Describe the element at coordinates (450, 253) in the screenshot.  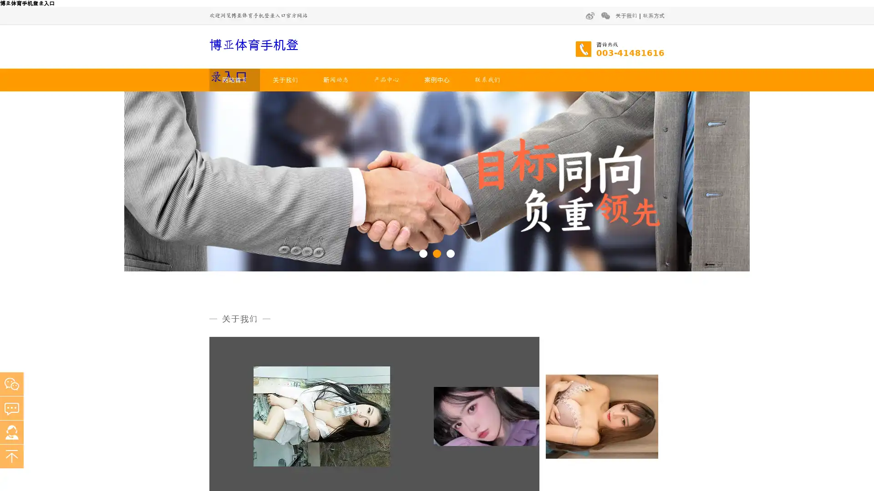
I see `3` at that location.